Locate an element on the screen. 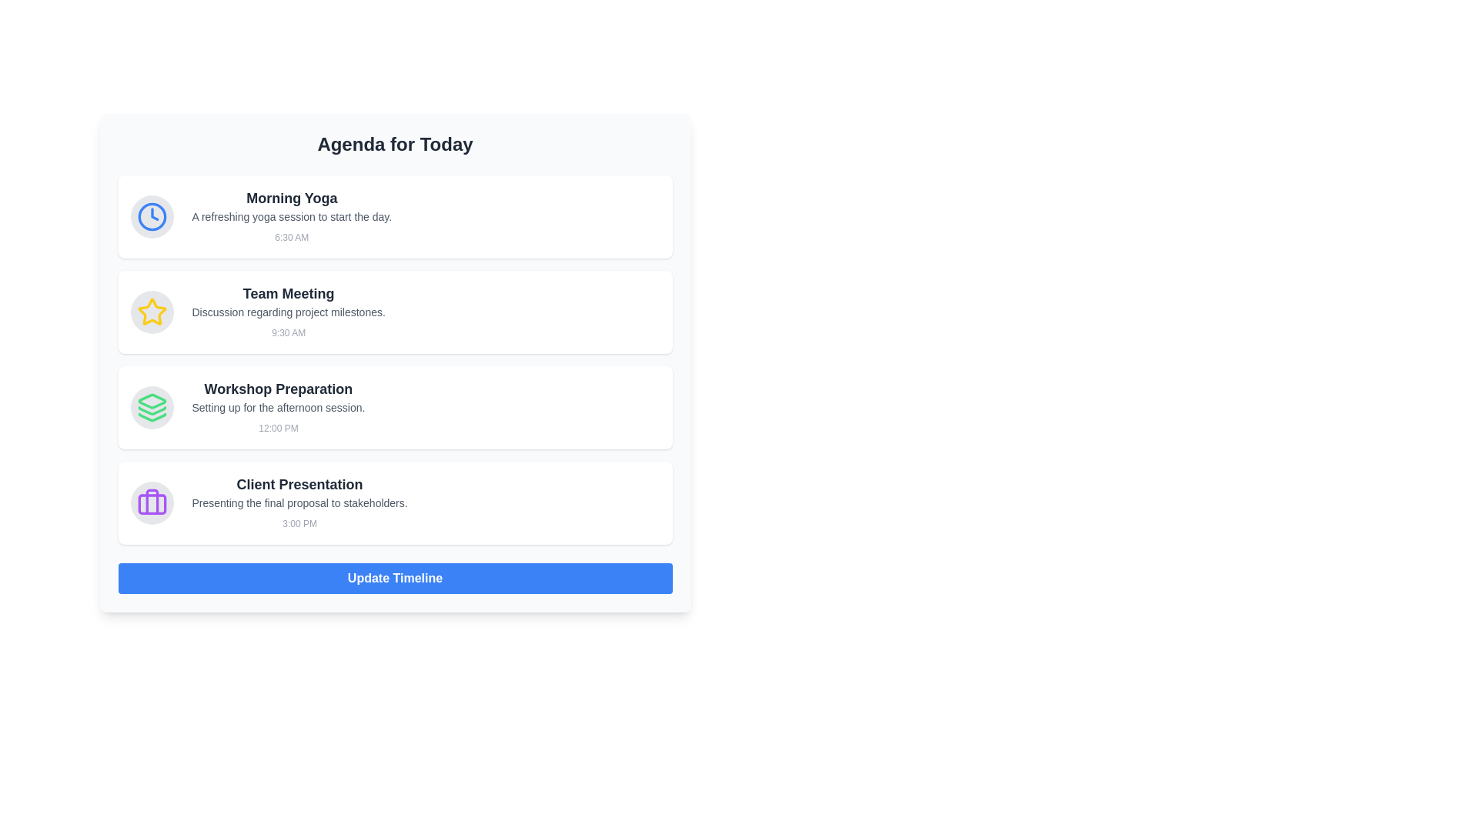 Image resolution: width=1478 pixels, height=831 pixels. the Text Block displaying schedule information, which is the third item in a vertical list between 'Team Meeting' and 'Client Presentation', visually aligned with a green layered sheets icon is located at coordinates (278, 406).